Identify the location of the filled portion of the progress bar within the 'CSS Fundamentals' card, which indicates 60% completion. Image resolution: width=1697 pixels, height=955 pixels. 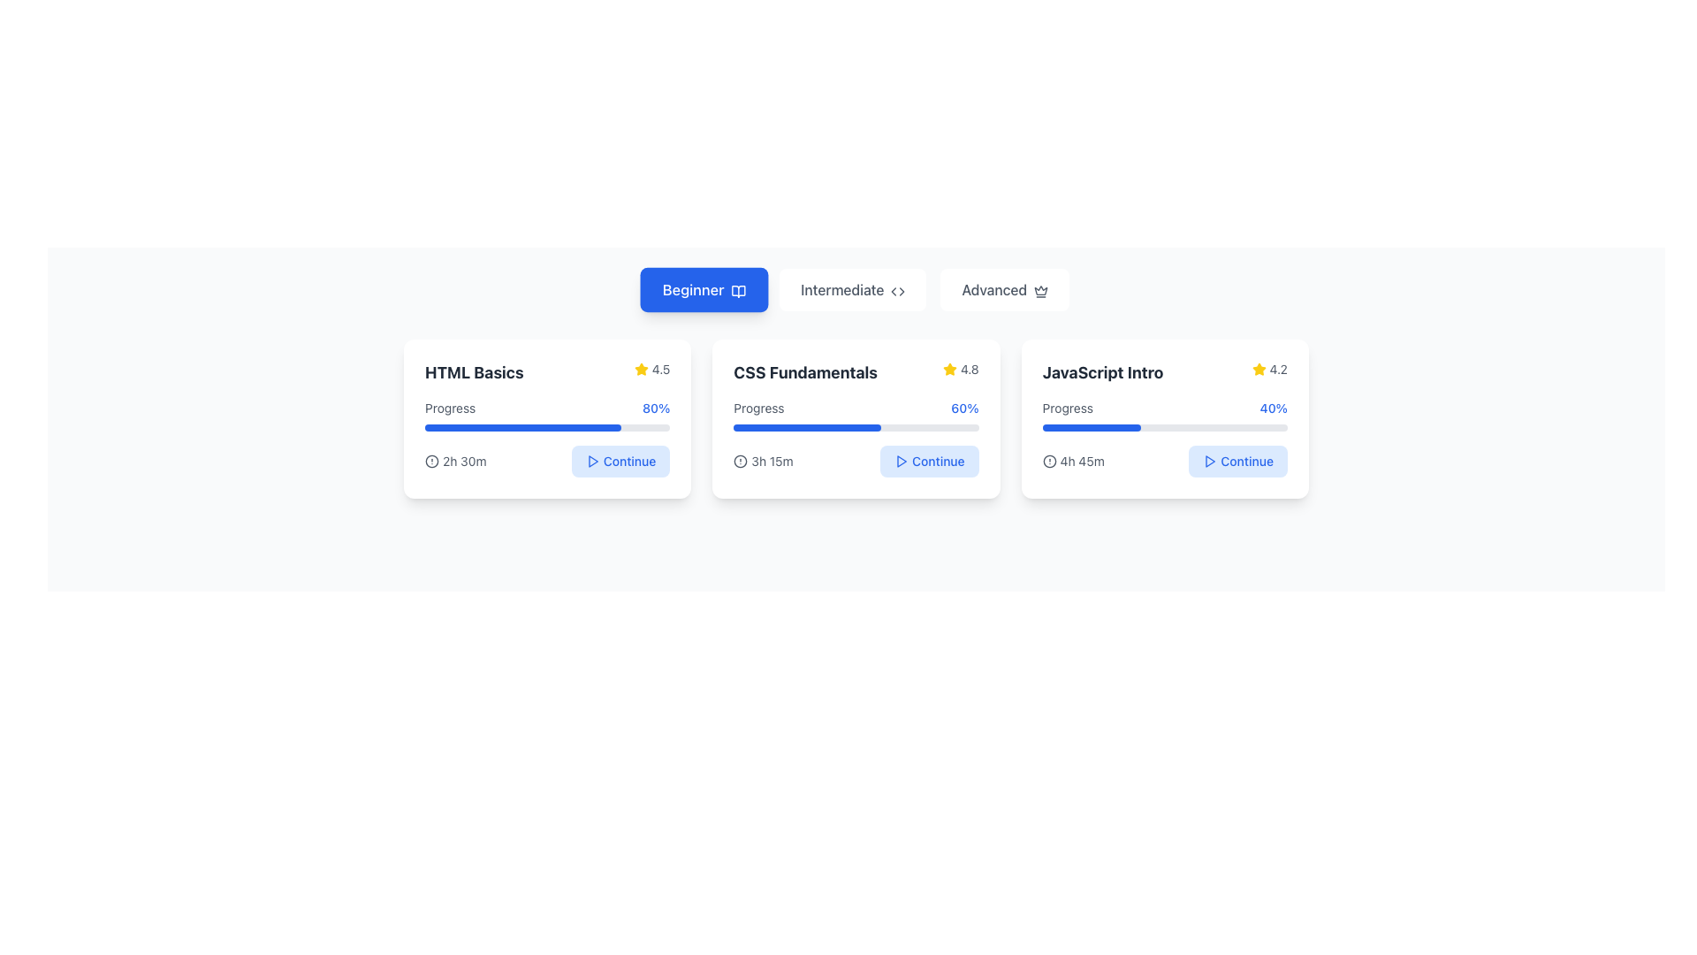
(806, 427).